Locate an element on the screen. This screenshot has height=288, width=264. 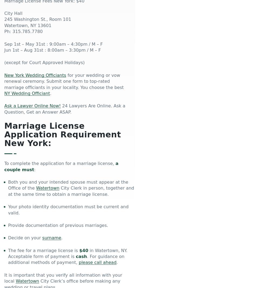
'To complete the application for a marriage license,' is located at coordinates (60, 163).